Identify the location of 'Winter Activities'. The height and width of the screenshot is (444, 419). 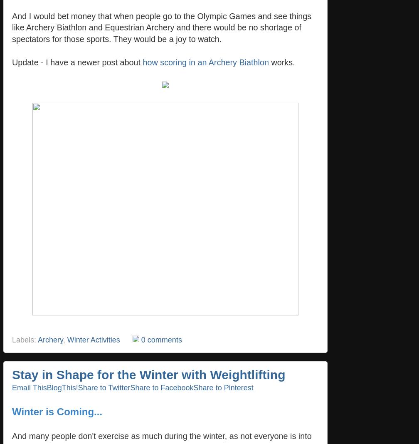
(93, 339).